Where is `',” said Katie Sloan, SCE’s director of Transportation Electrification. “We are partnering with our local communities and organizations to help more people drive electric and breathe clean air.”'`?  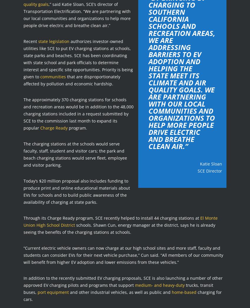 ',” said Katie Sloan, SCE’s director of Transportation Electrification. “We are partnering with our local communities and organizations to help more people drive electric and breathe clean air.”' is located at coordinates (76, 14).